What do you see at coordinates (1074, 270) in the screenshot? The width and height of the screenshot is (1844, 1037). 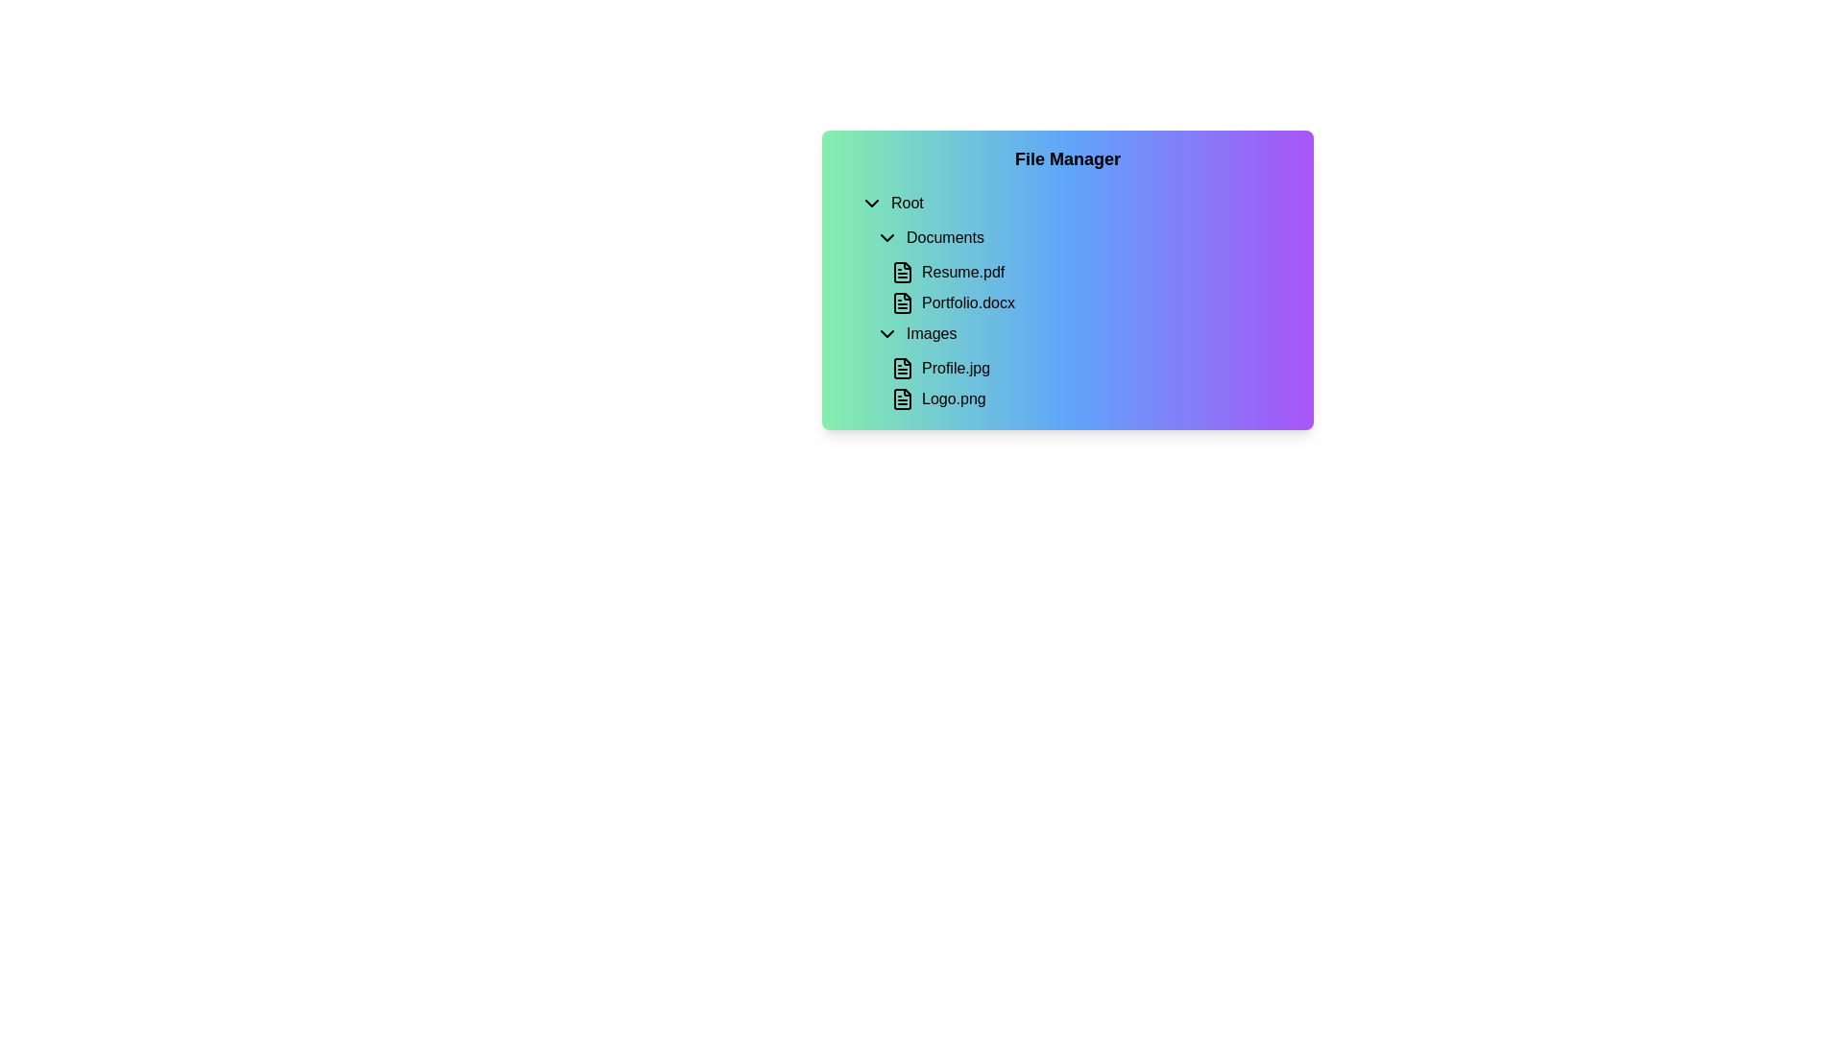 I see `the file 'Portfolio.docx' within the File Listing Section under the 'Documents' category in the File Manager interface` at bounding box center [1074, 270].